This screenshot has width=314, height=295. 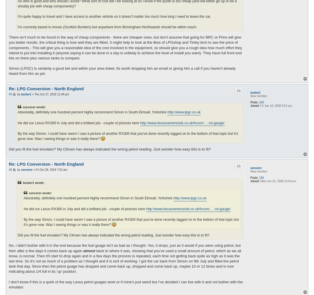 I want to click on '#5', so click(x=10, y=94).